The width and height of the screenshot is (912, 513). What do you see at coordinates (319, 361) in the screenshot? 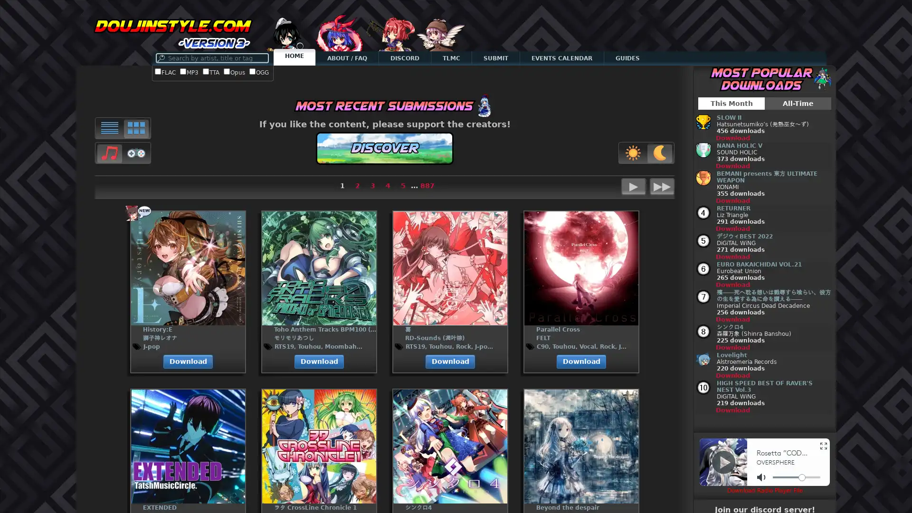
I see `Download` at bounding box center [319, 361].